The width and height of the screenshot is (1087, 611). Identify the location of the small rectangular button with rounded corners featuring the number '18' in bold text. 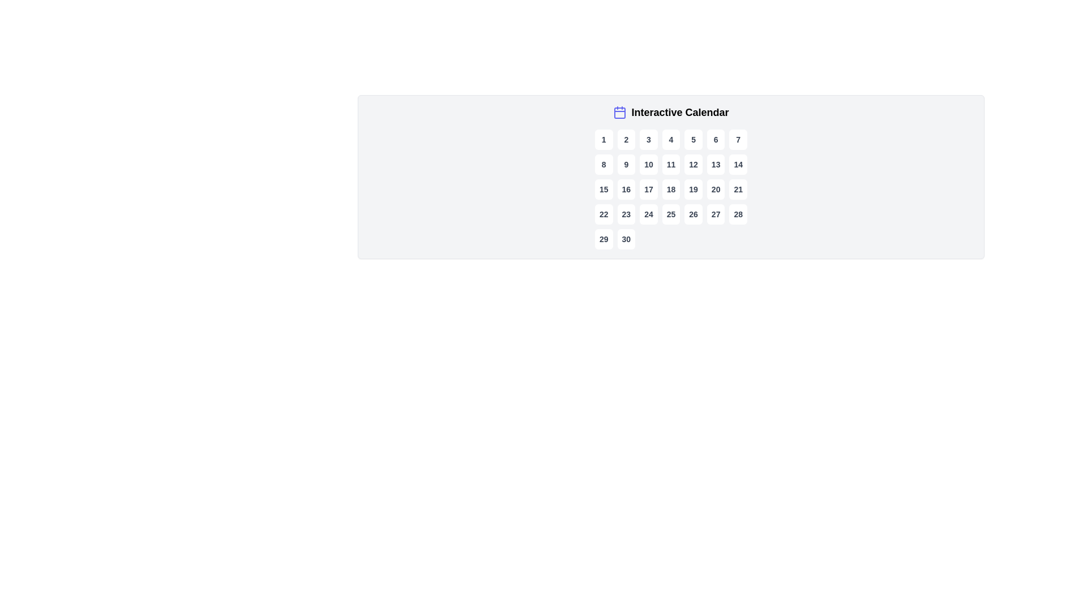
(671, 189).